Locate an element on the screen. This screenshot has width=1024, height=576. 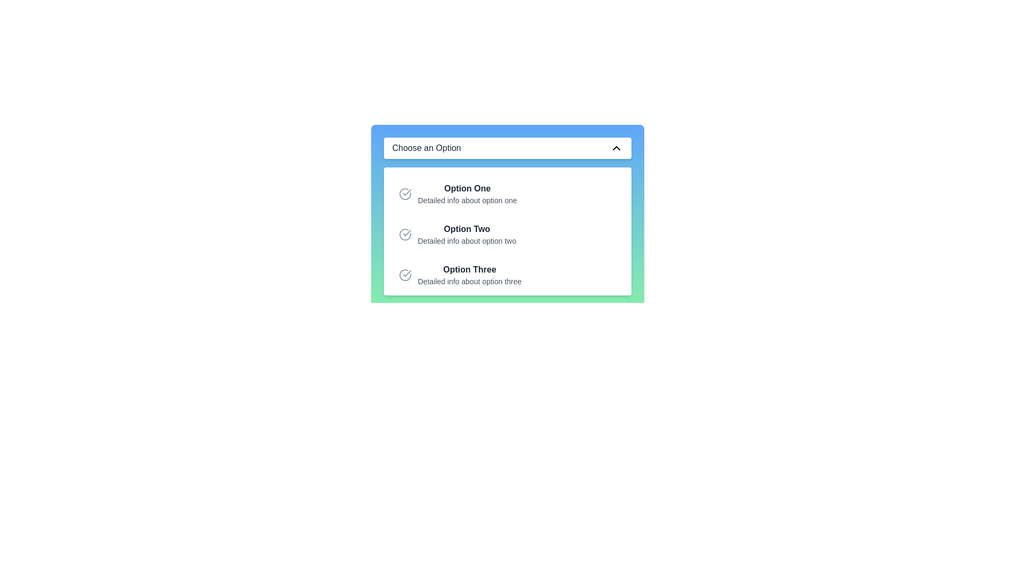
the list item labeled 'Option Three', which consists of a bold dark gray text and a smaller light gray text underneath is located at coordinates (469, 275).